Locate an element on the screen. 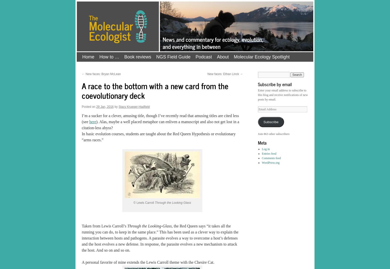 Image resolution: width=390 pixels, height=269 pixels. '). Alas, maybe a well placed metaphor can enliven a manuscript and also not get lost in a citation-less abyss?' is located at coordinates (160, 124).